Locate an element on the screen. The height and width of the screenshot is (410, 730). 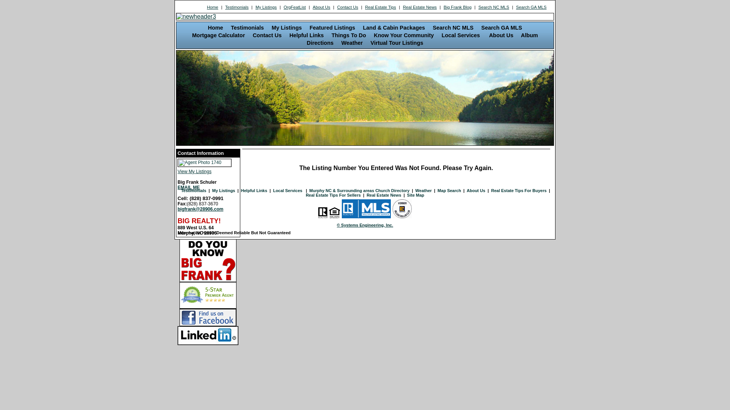
'Virtual Tour Listings' is located at coordinates (397, 43).